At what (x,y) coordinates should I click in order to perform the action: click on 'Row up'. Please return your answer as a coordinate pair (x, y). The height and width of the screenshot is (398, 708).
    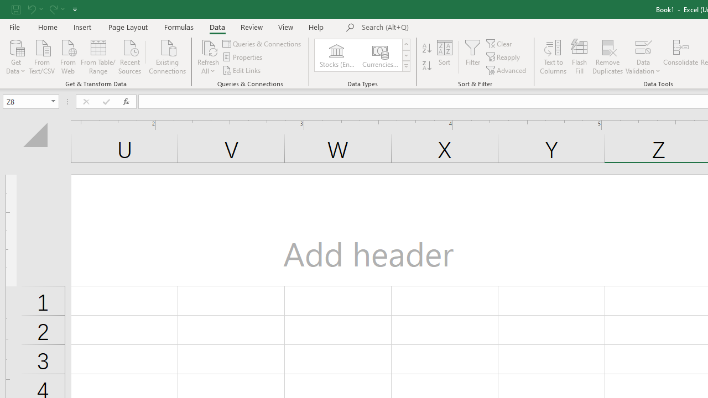
    Looking at the image, I should click on (405, 44).